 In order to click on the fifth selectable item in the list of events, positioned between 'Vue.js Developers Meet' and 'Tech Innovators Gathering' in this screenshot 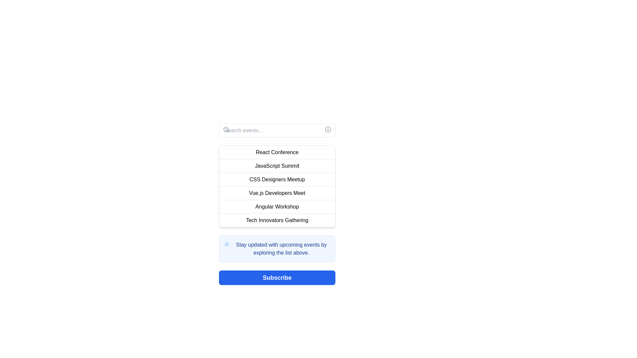, I will do `click(277, 206)`.